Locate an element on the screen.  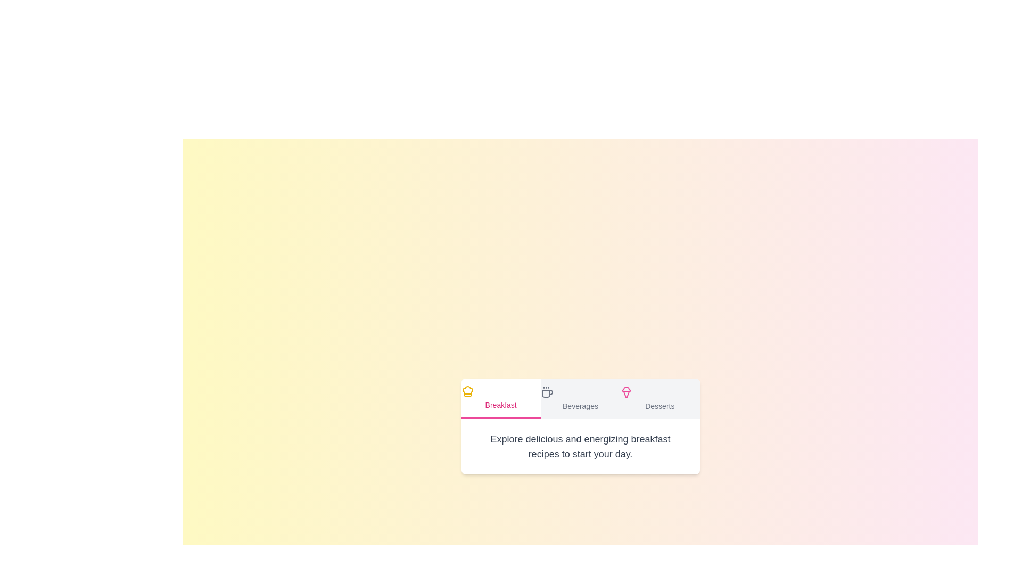
the tab labeled Beverages to display its content is located at coordinates (579, 398).